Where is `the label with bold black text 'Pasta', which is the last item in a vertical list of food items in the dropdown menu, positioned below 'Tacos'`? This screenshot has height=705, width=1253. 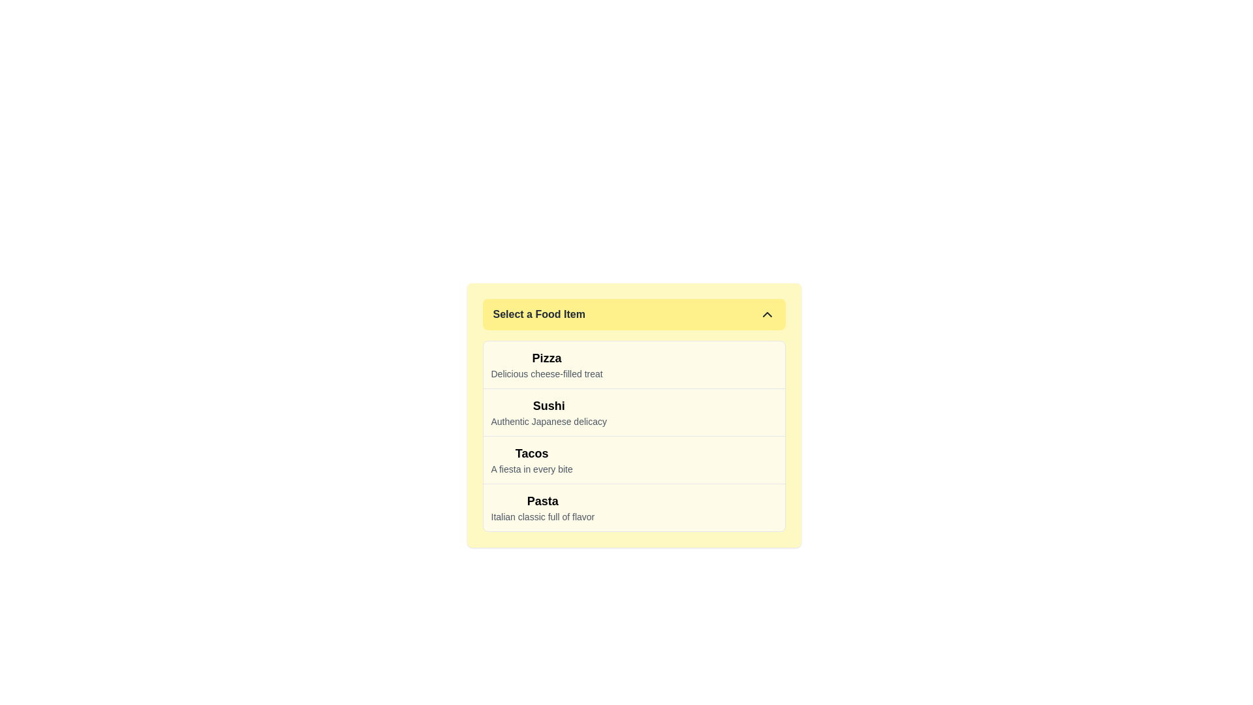 the label with bold black text 'Pasta', which is the last item in a vertical list of food items in the dropdown menu, positioned below 'Tacos' is located at coordinates (542, 507).